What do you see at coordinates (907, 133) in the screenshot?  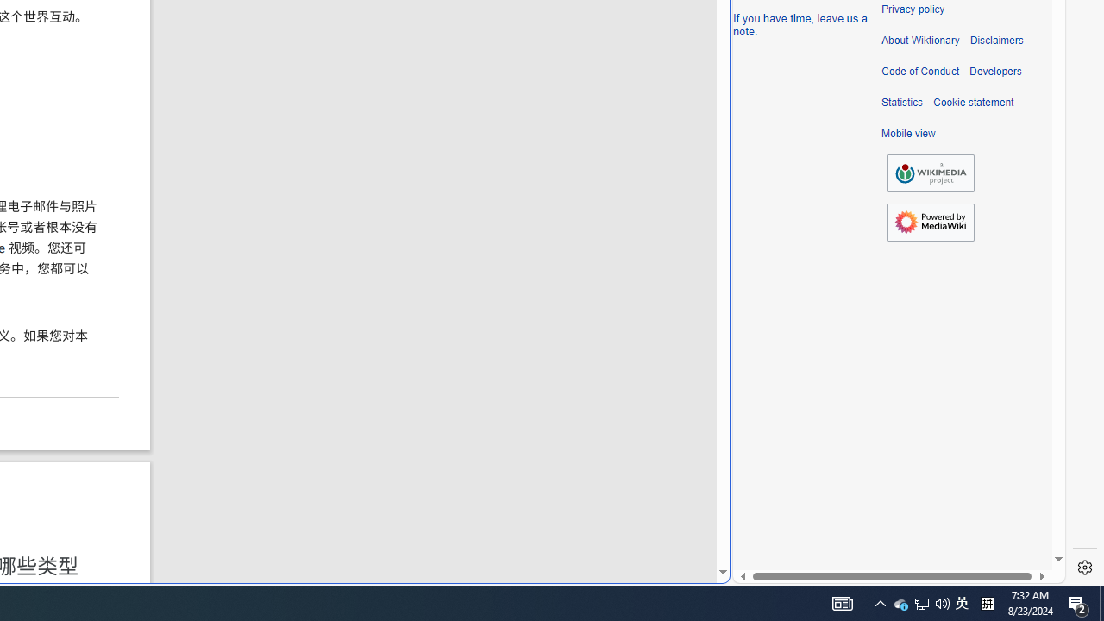 I see `'Mobile view'` at bounding box center [907, 133].